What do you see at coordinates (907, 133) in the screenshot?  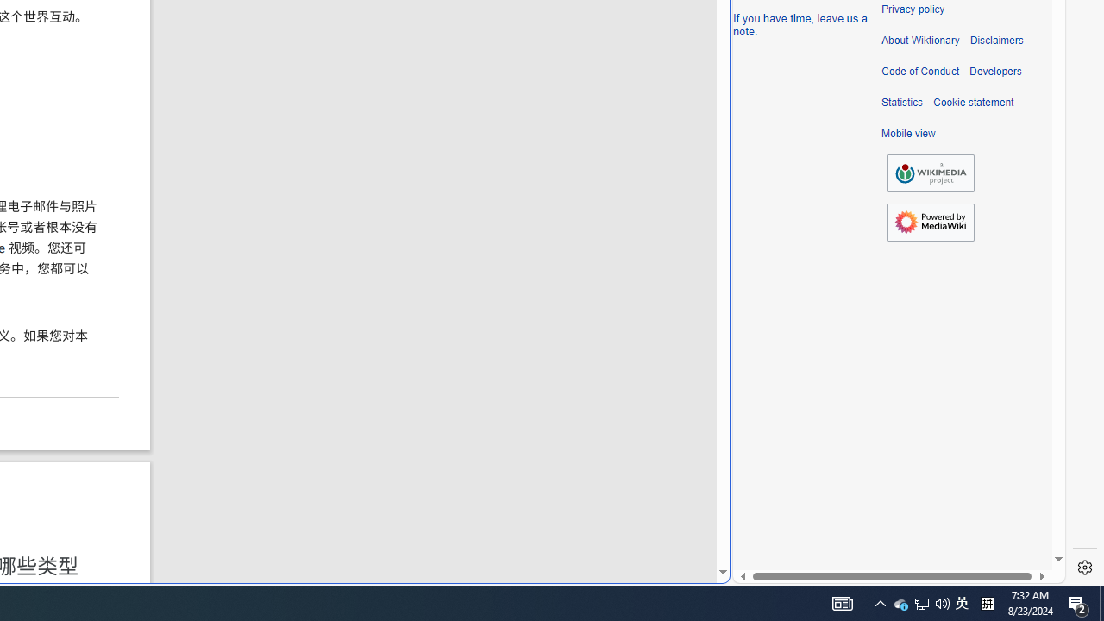 I see `'Mobile view'` at bounding box center [907, 133].